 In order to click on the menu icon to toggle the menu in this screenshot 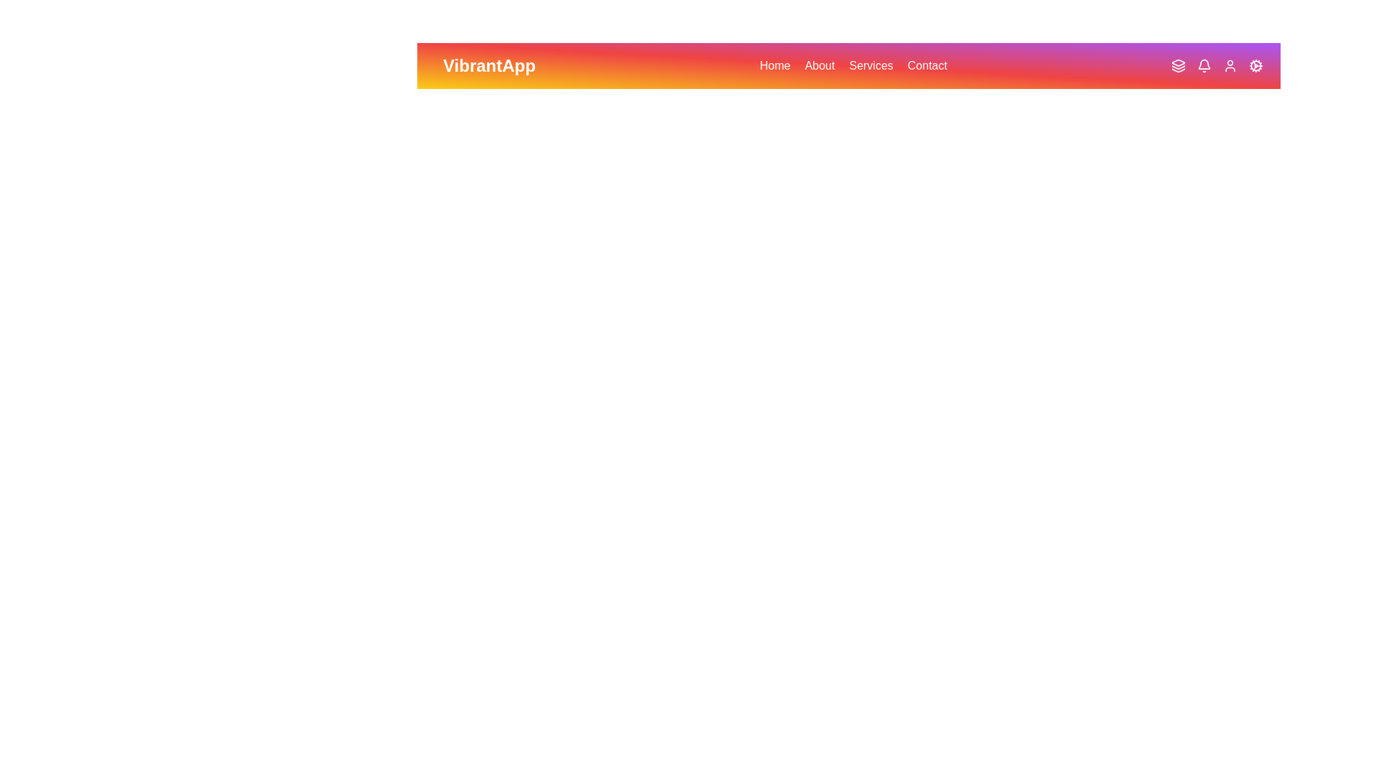, I will do `click(433, 54)`.